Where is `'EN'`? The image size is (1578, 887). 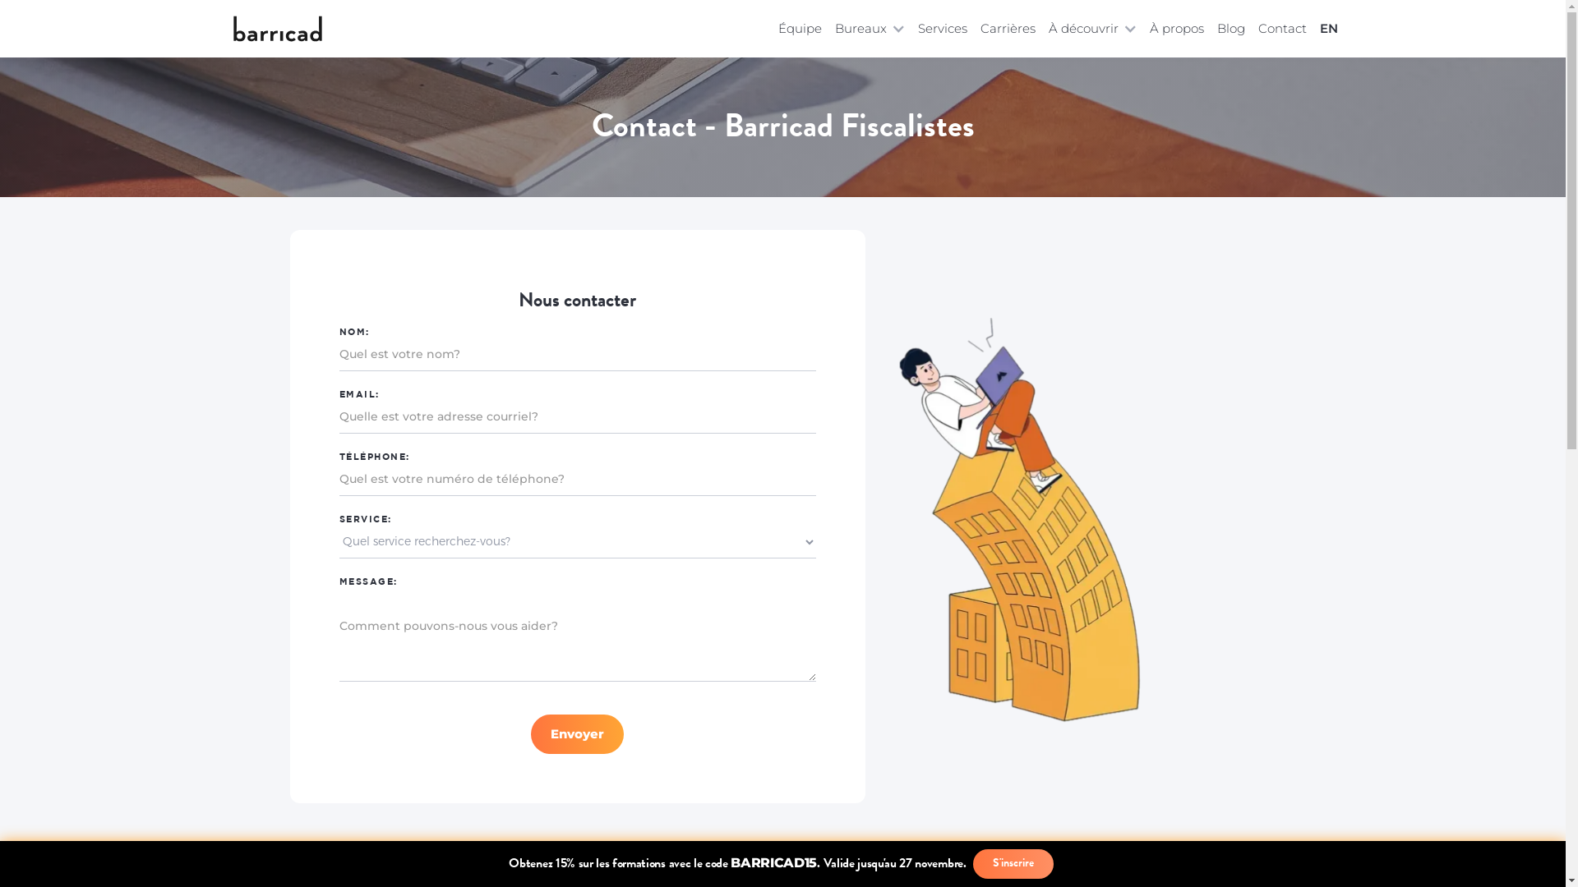 'EN' is located at coordinates (1313, 28).